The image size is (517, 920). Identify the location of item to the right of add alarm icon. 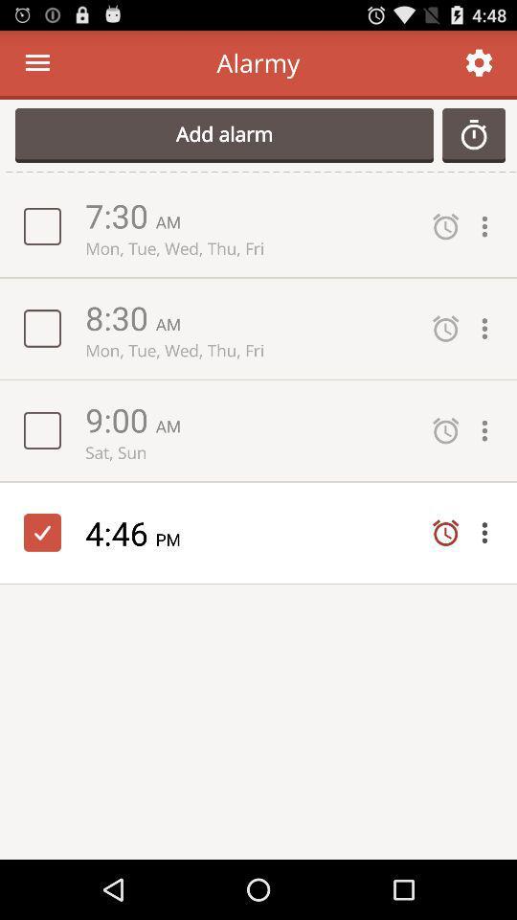
(473, 134).